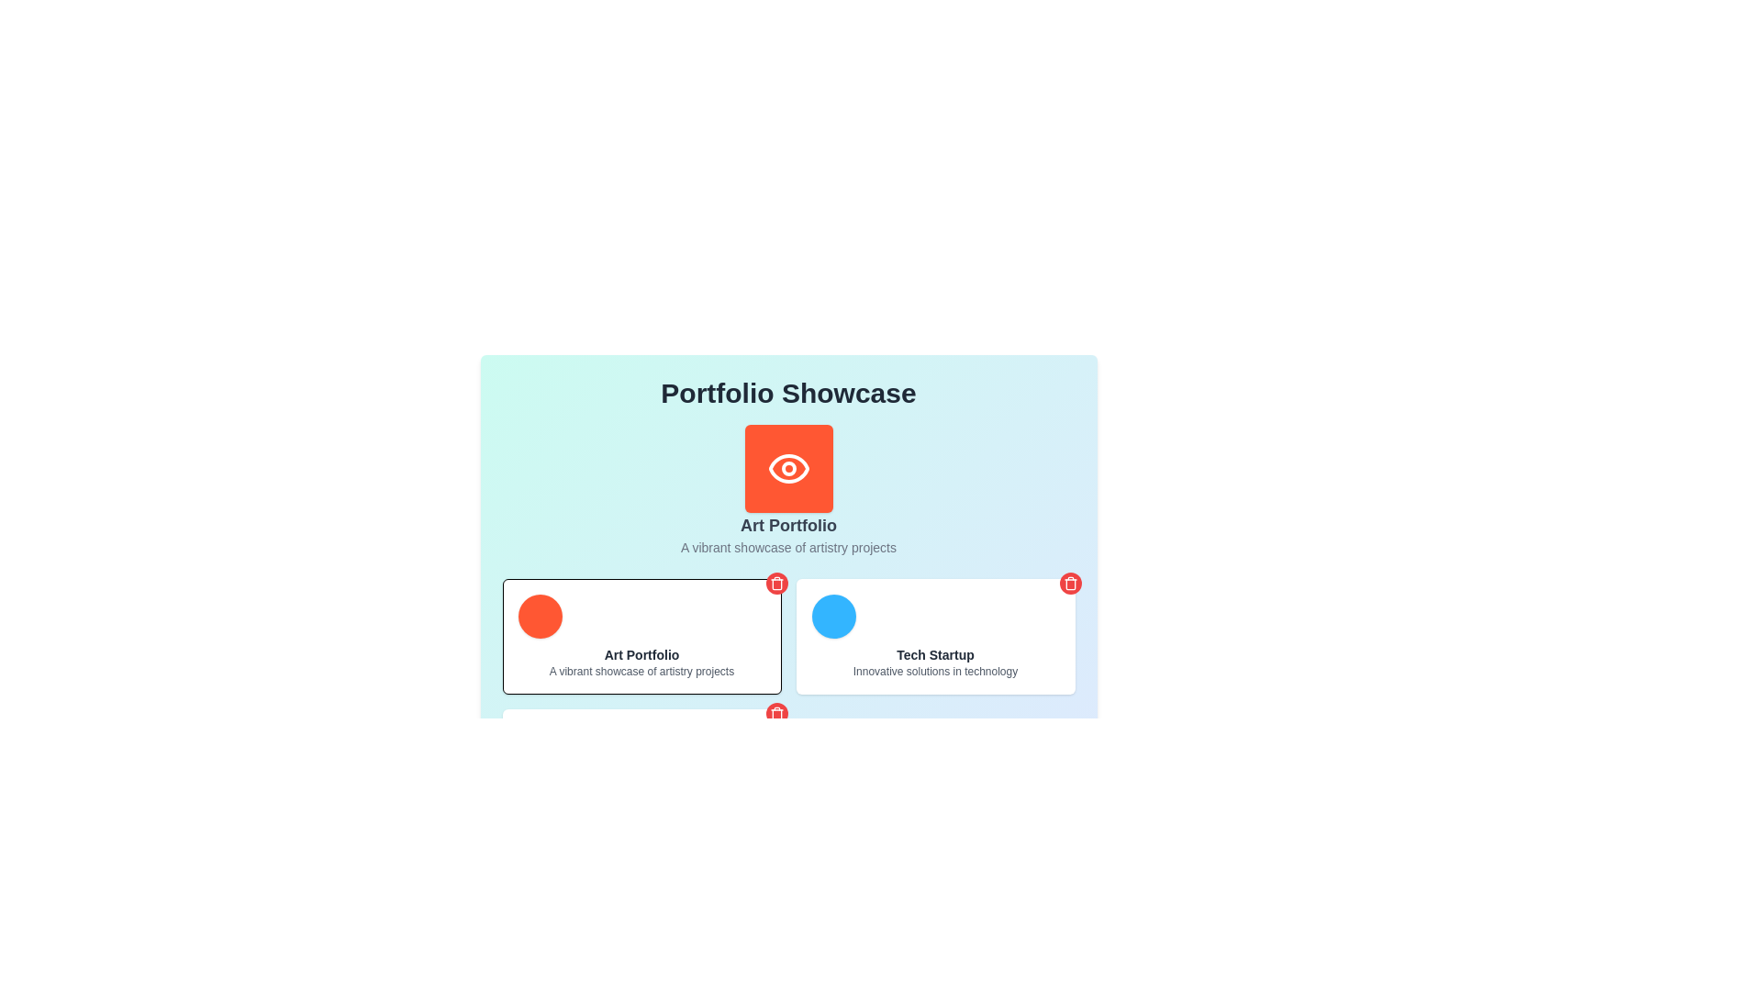 This screenshot has height=991, width=1762. What do you see at coordinates (935, 672) in the screenshot?
I see `the text label displaying 'Innovative solutions in technology', which is located immediately below the 'Tech Startup' text in the right-bottom section of the interface` at bounding box center [935, 672].